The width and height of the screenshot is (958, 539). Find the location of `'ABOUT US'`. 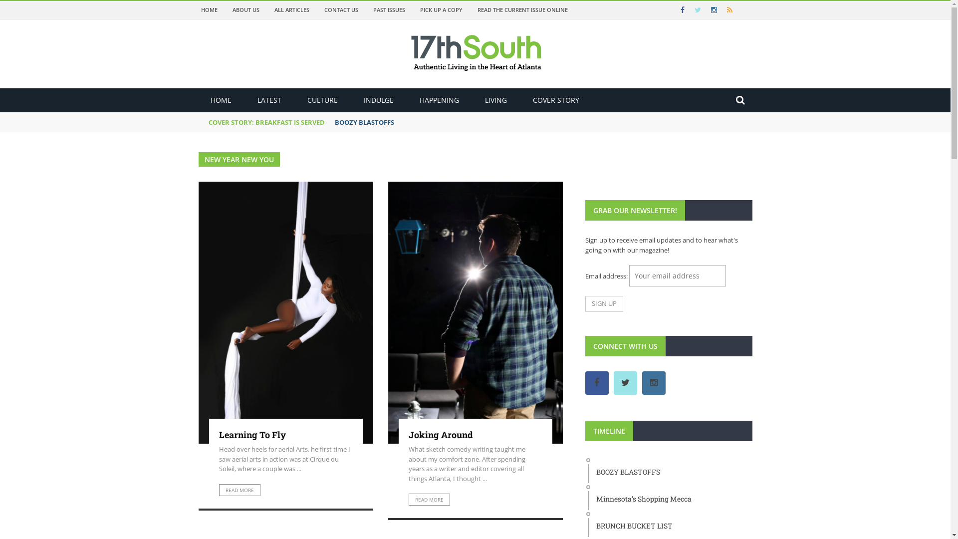

'ABOUT US' is located at coordinates (246, 9).